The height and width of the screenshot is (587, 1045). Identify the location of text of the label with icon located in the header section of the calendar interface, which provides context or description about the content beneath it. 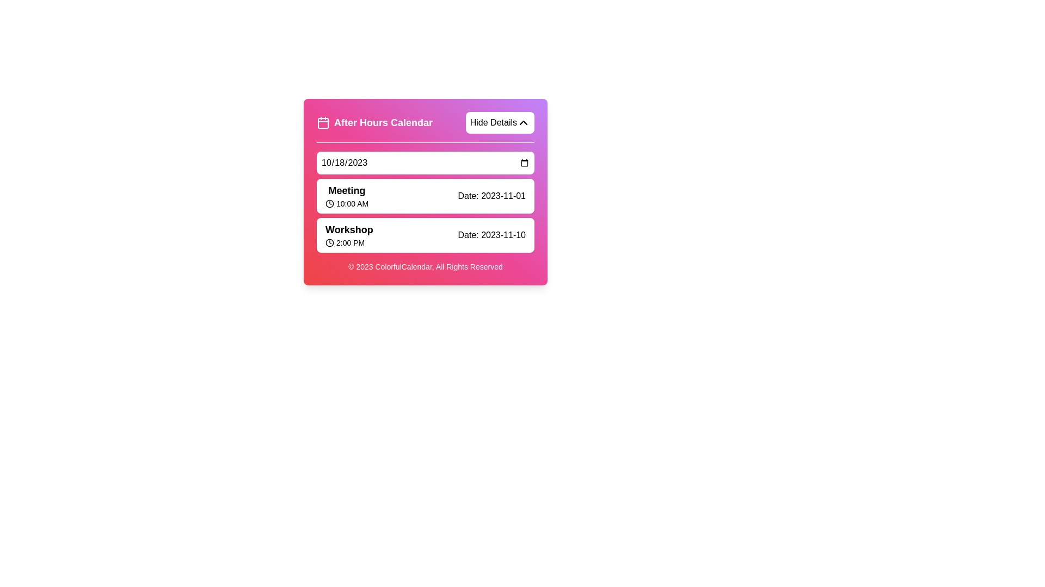
(374, 122).